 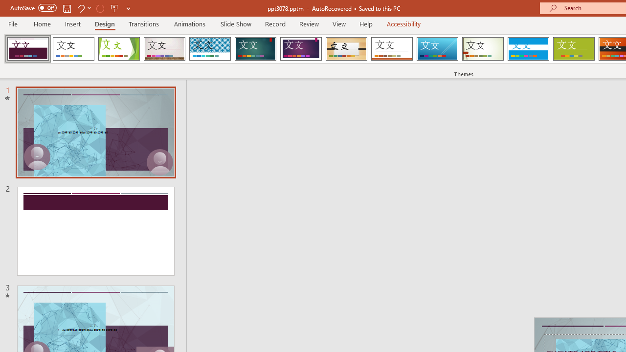 What do you see at coordinates (392, 49) in the screenshot?
I see `'Retrospect'` at bounding box center [392, 49].